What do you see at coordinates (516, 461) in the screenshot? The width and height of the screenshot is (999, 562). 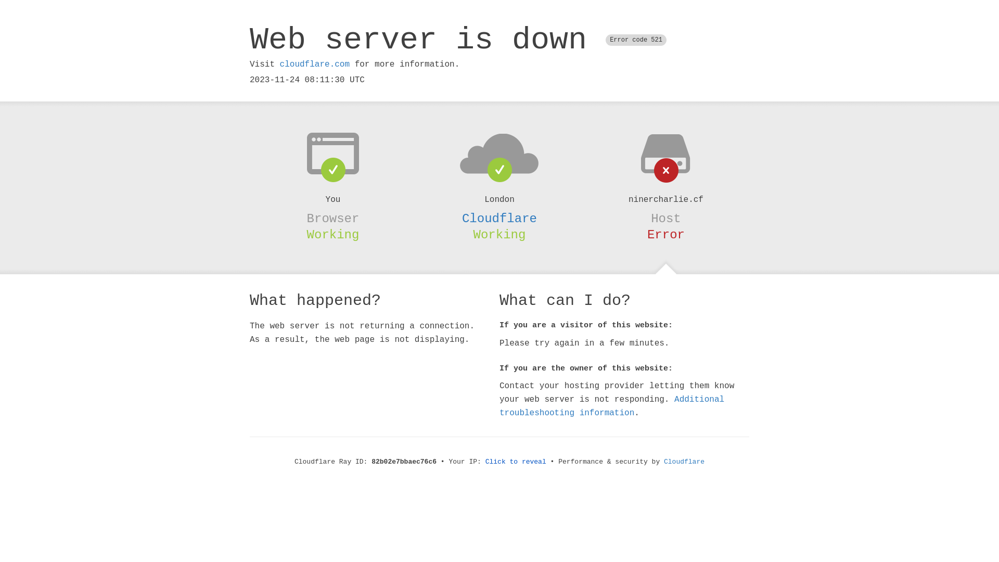 I see `'Click to reveal'` at bounding box center [516, 461].